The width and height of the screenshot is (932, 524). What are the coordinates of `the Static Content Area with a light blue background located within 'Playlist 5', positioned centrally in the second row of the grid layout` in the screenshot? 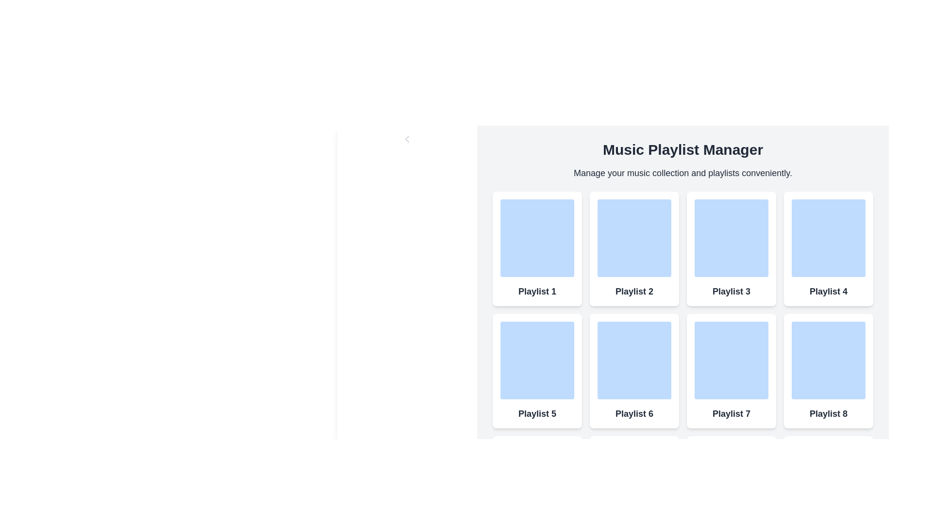 It's located at (537, 360).